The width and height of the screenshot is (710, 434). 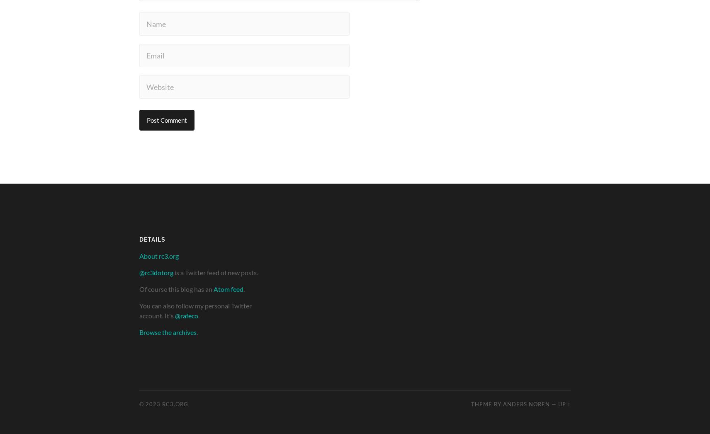 I want to click on 'is a Twitter feed of new posts.', so click(x=215, y=272).